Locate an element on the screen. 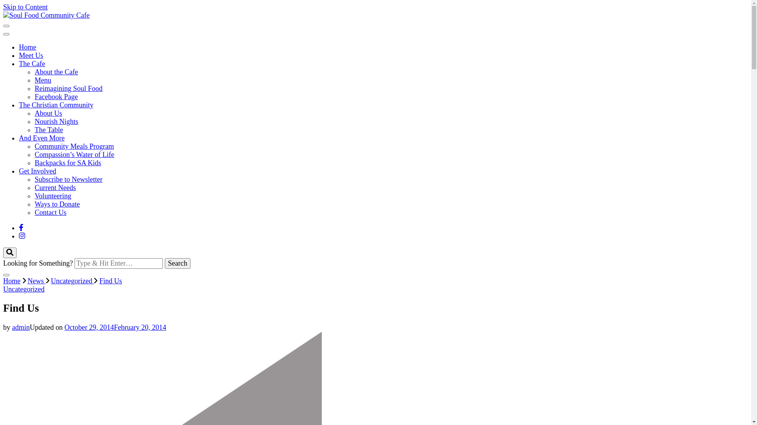 This screenshot has height=425, width=757. 'Skip to Content' is located at coordinates (25, 7).